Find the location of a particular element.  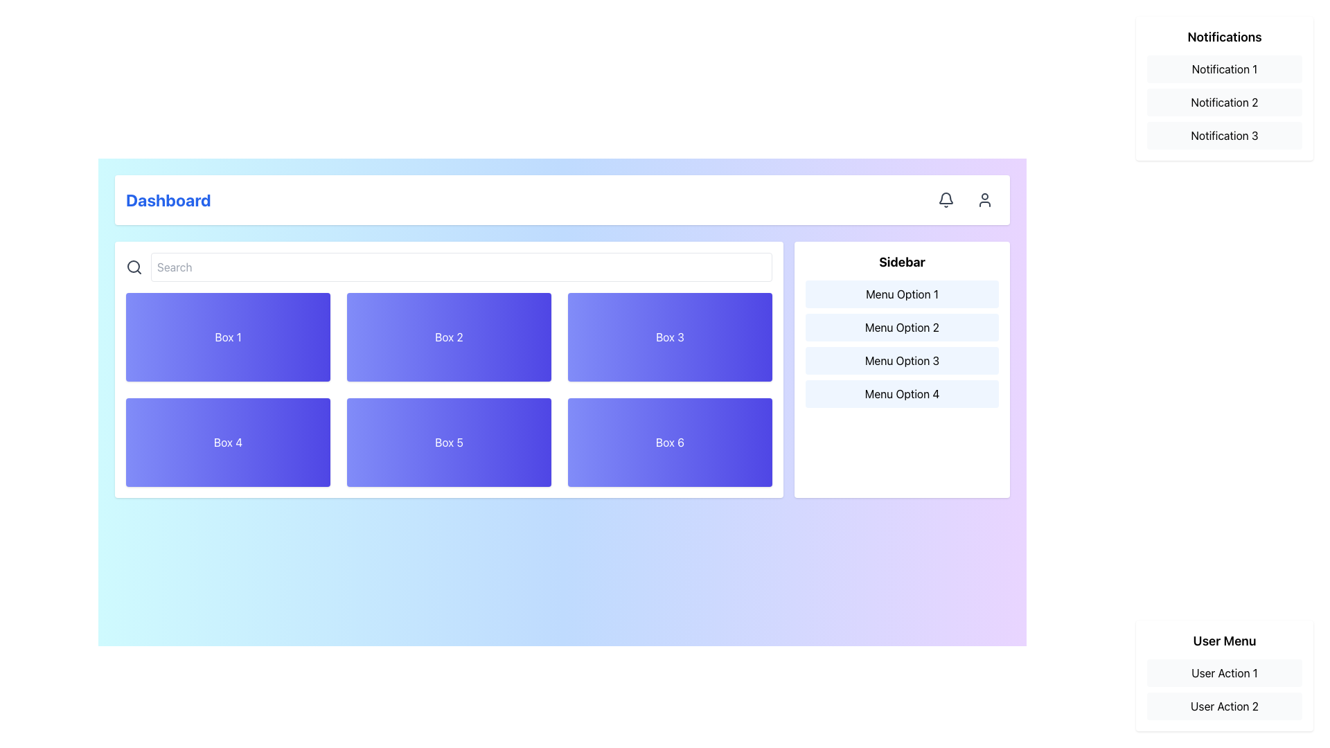

the second item in the 'User Menu' which represents 'User Action 2' to trigger the hover effect is located at coordinates (1224, 706).